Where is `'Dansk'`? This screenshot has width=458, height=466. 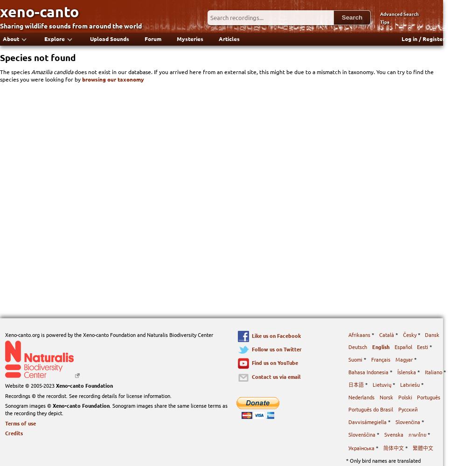 'Dansk' is located at coordinates (432, 334).